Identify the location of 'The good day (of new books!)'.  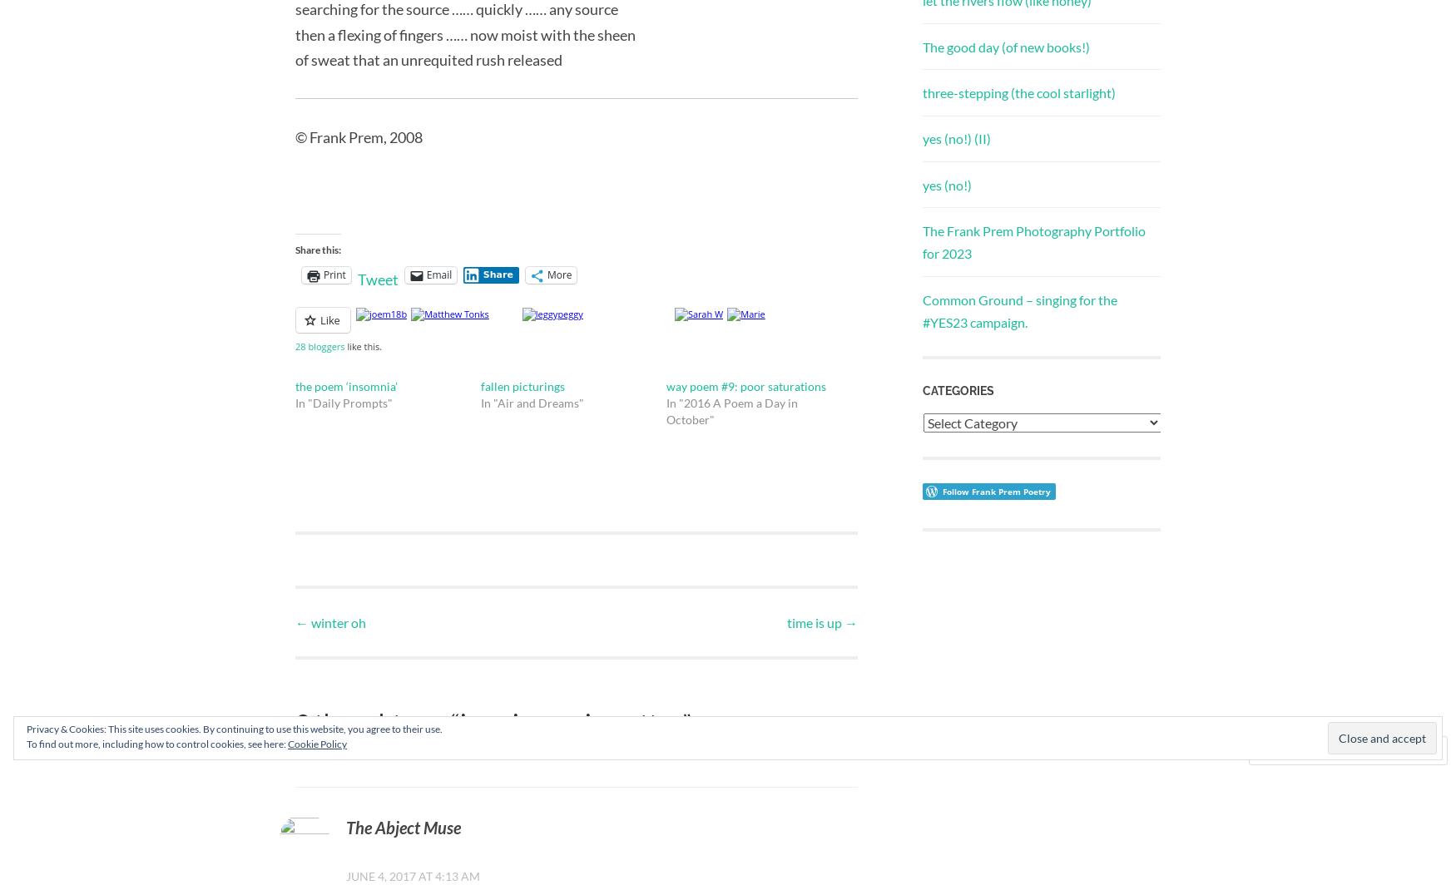
(1006, 45).